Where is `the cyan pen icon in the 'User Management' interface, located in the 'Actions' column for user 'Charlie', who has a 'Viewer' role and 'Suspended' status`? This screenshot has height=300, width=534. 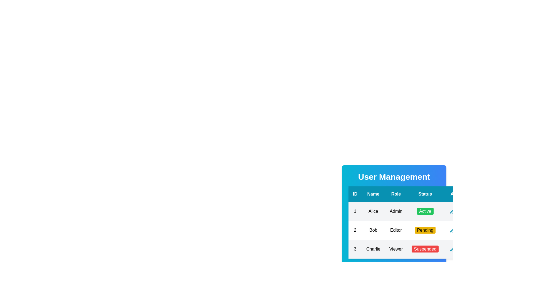
the cyan pen icon in the 'User Management' interface, located in the 'Actions' column for user 'Charlie', who has a 'Viewer' role and 'Suspended' status is located at coordinates (453, 249).